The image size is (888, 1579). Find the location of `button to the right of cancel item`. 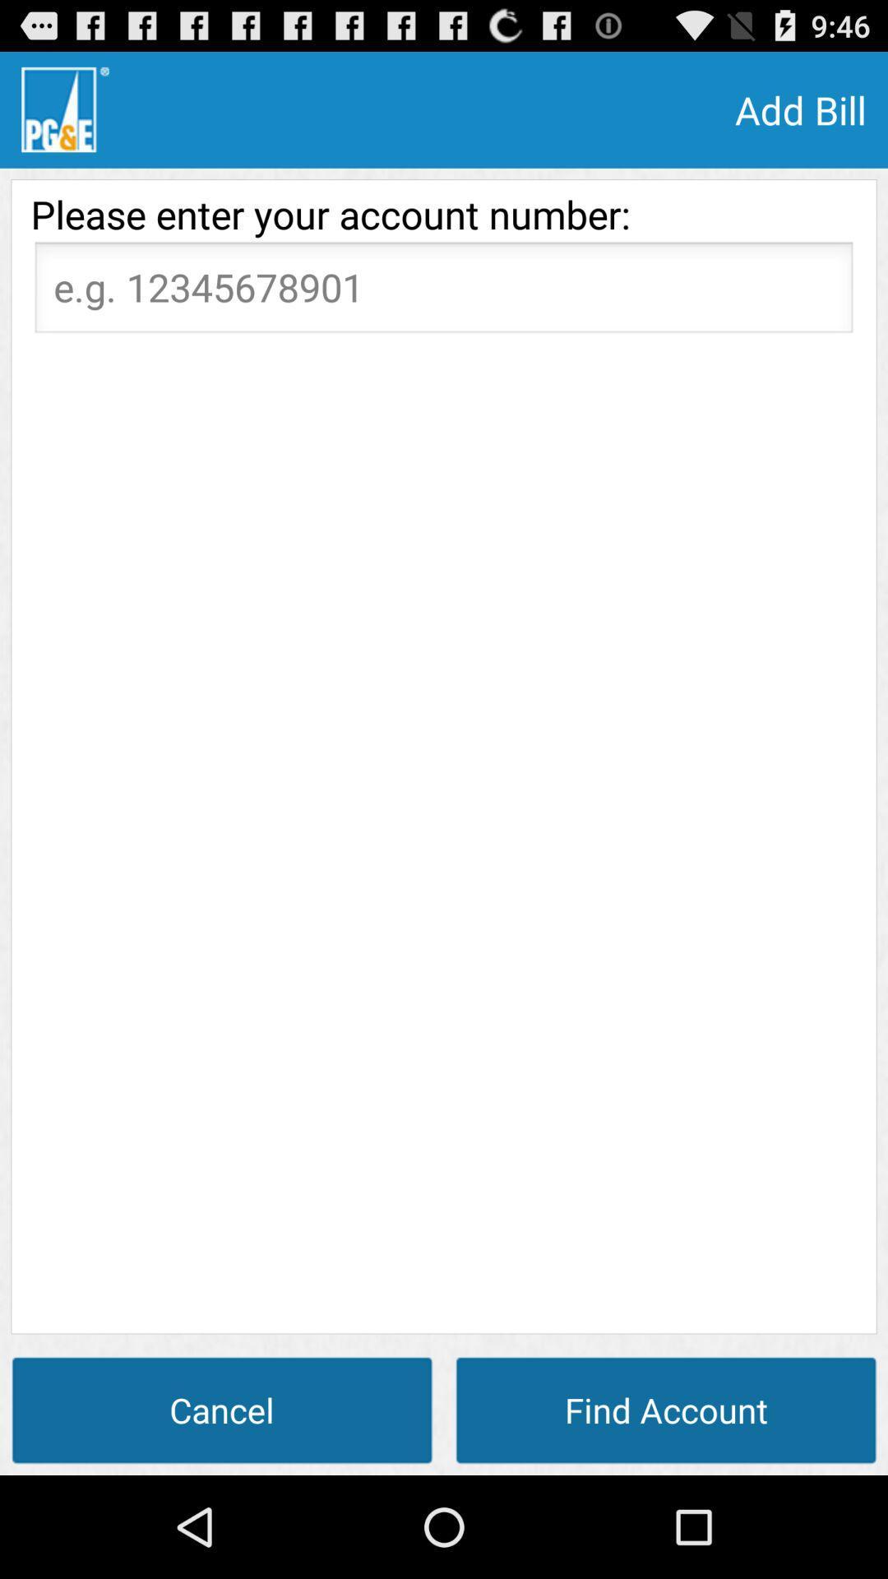

button to the right of cancel item is located at coordinates (666, 1409).